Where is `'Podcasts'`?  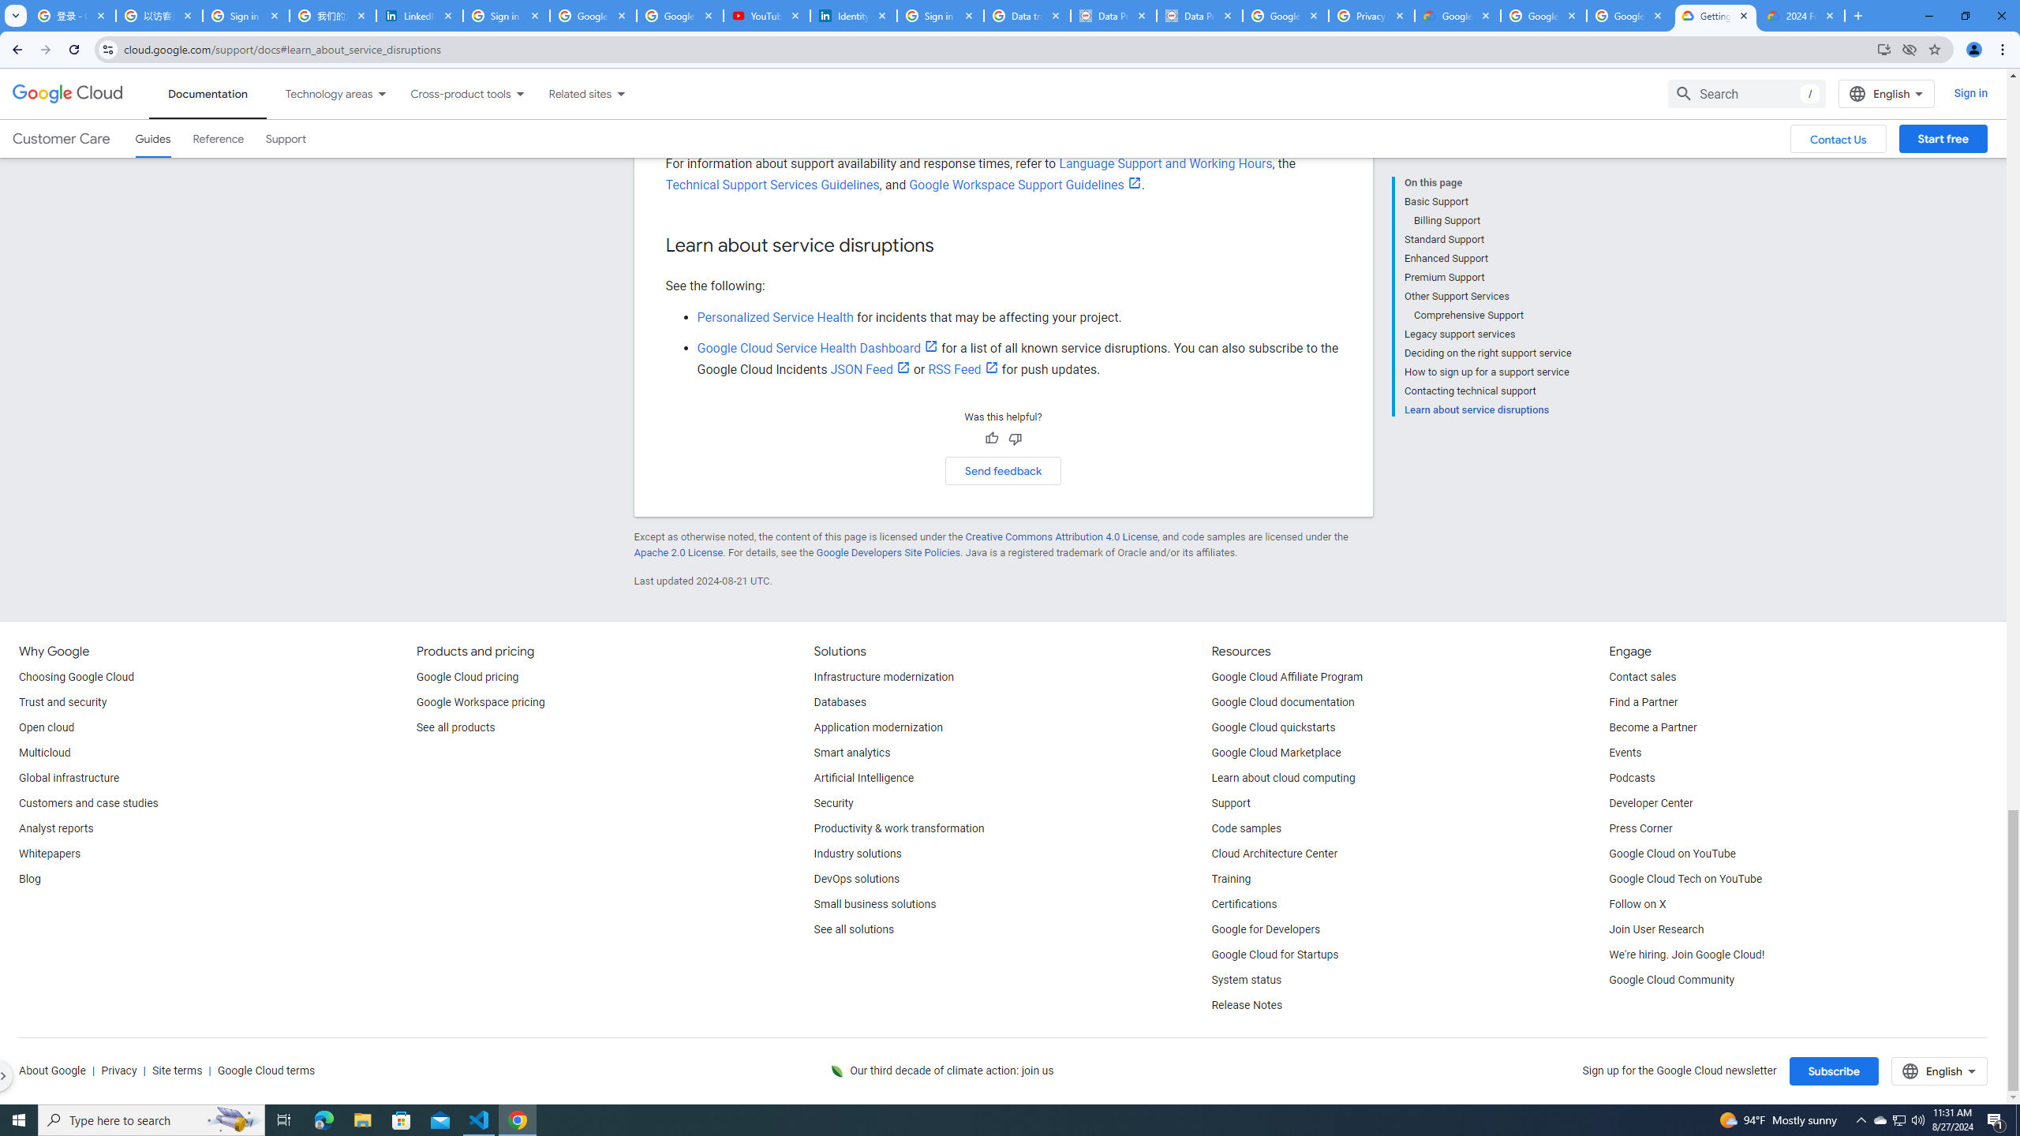
'Podcasts' is located at coordinates (1631, 779).